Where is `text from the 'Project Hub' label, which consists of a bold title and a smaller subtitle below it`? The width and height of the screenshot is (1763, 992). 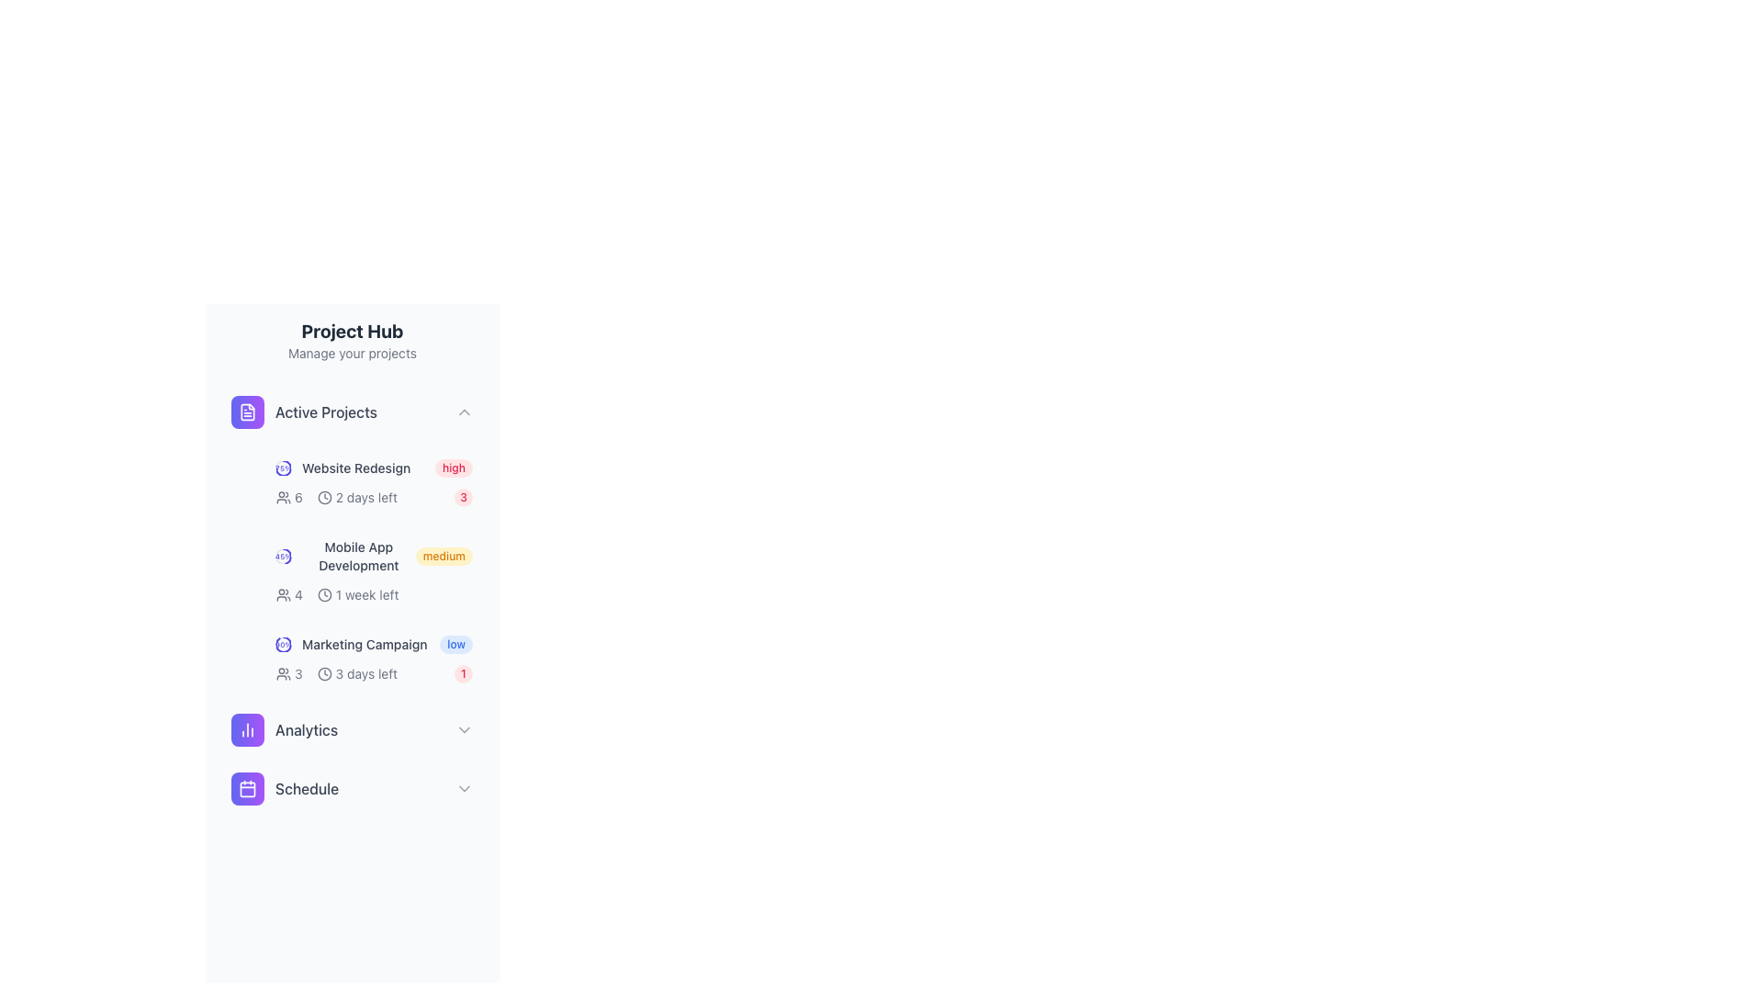 text from the 'Project Hub' label, which consists of a bold title and a smaller subtitle below it is located at coordinates (353, 340).